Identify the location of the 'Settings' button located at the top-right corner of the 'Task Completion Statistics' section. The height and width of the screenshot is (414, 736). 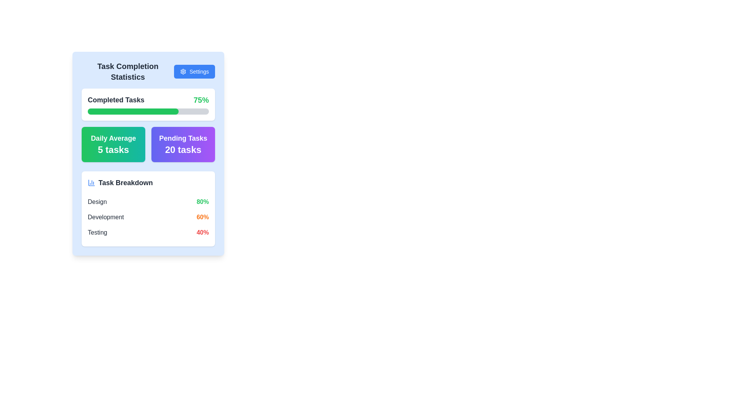
(194, 71).